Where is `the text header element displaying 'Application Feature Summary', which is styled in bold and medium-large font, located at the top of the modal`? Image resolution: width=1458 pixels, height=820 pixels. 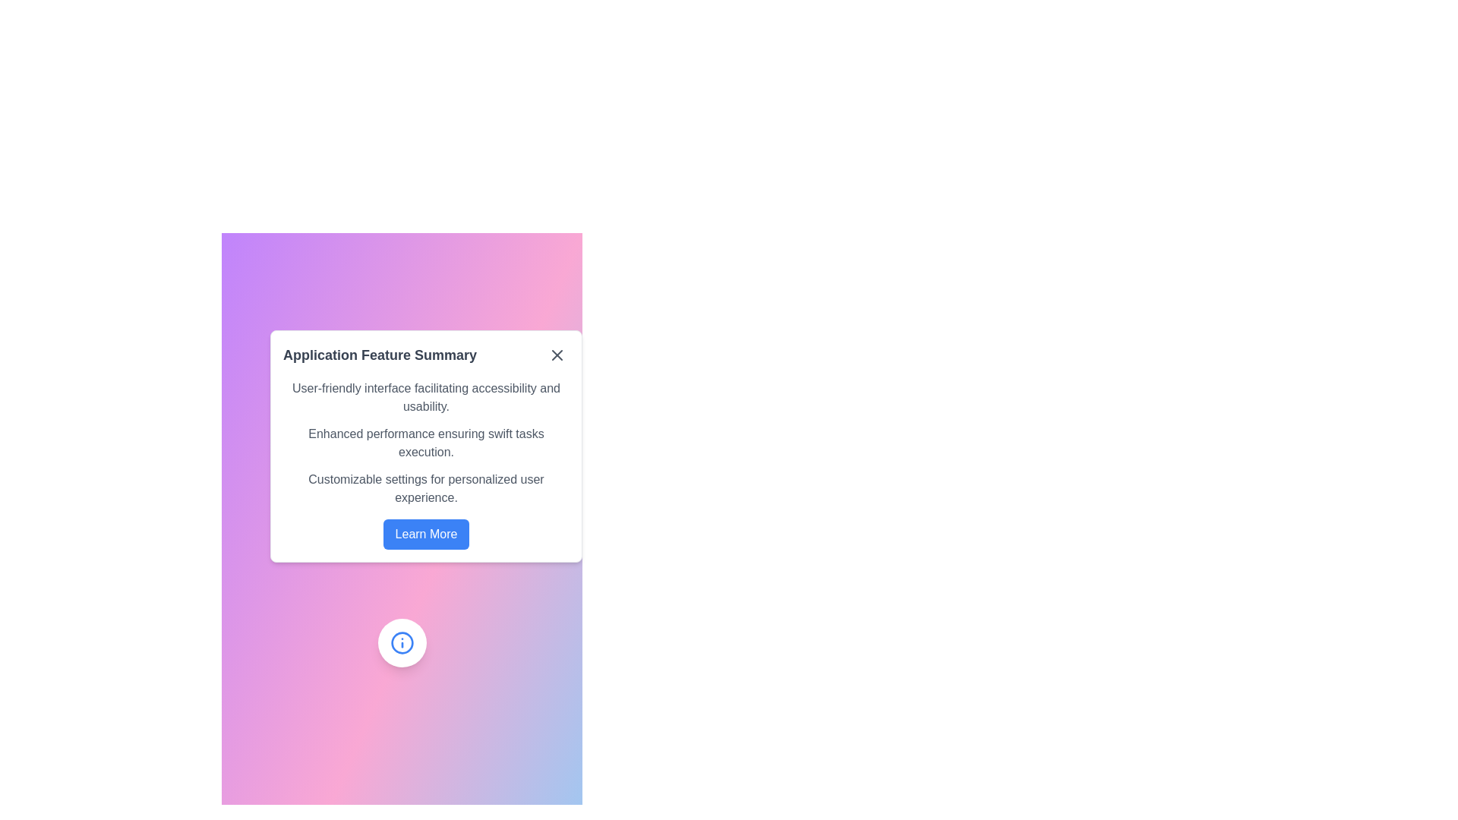 the text header element displaying 'Application Feature Summary', which is styled in bold and medium-large font, located at the top of the modal is located at coordinates (425, 355).